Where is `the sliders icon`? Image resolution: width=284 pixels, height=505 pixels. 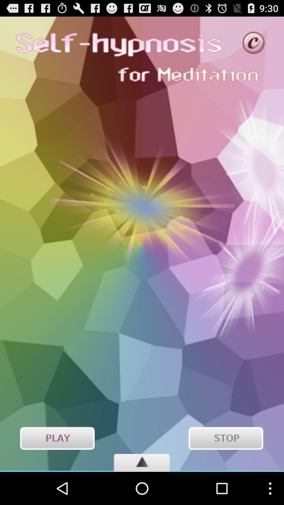 the sliders icon is located at coordinates (57, 469).